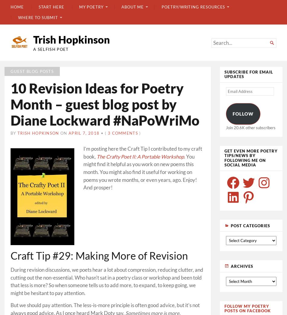  Describe the element at coordinates (51, 49) in the screenshot. I see `'A selfish poet'` at that location.